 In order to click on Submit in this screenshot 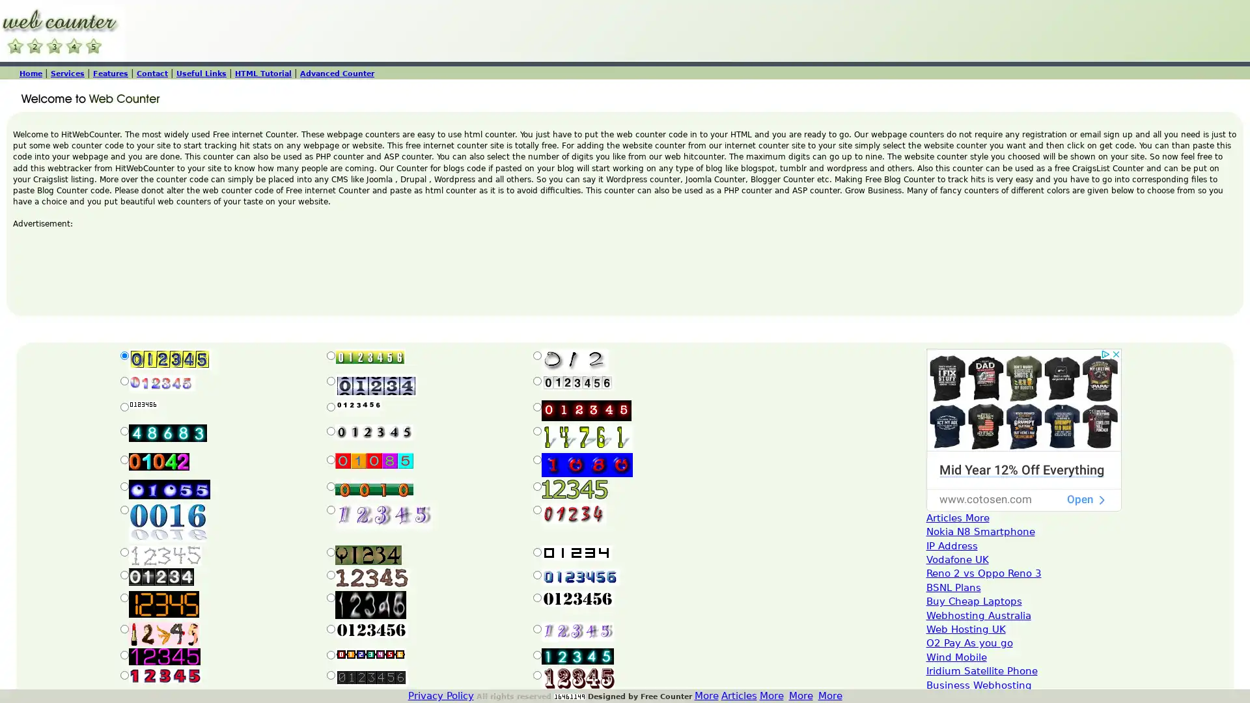, I will do `click(357, 404)`.